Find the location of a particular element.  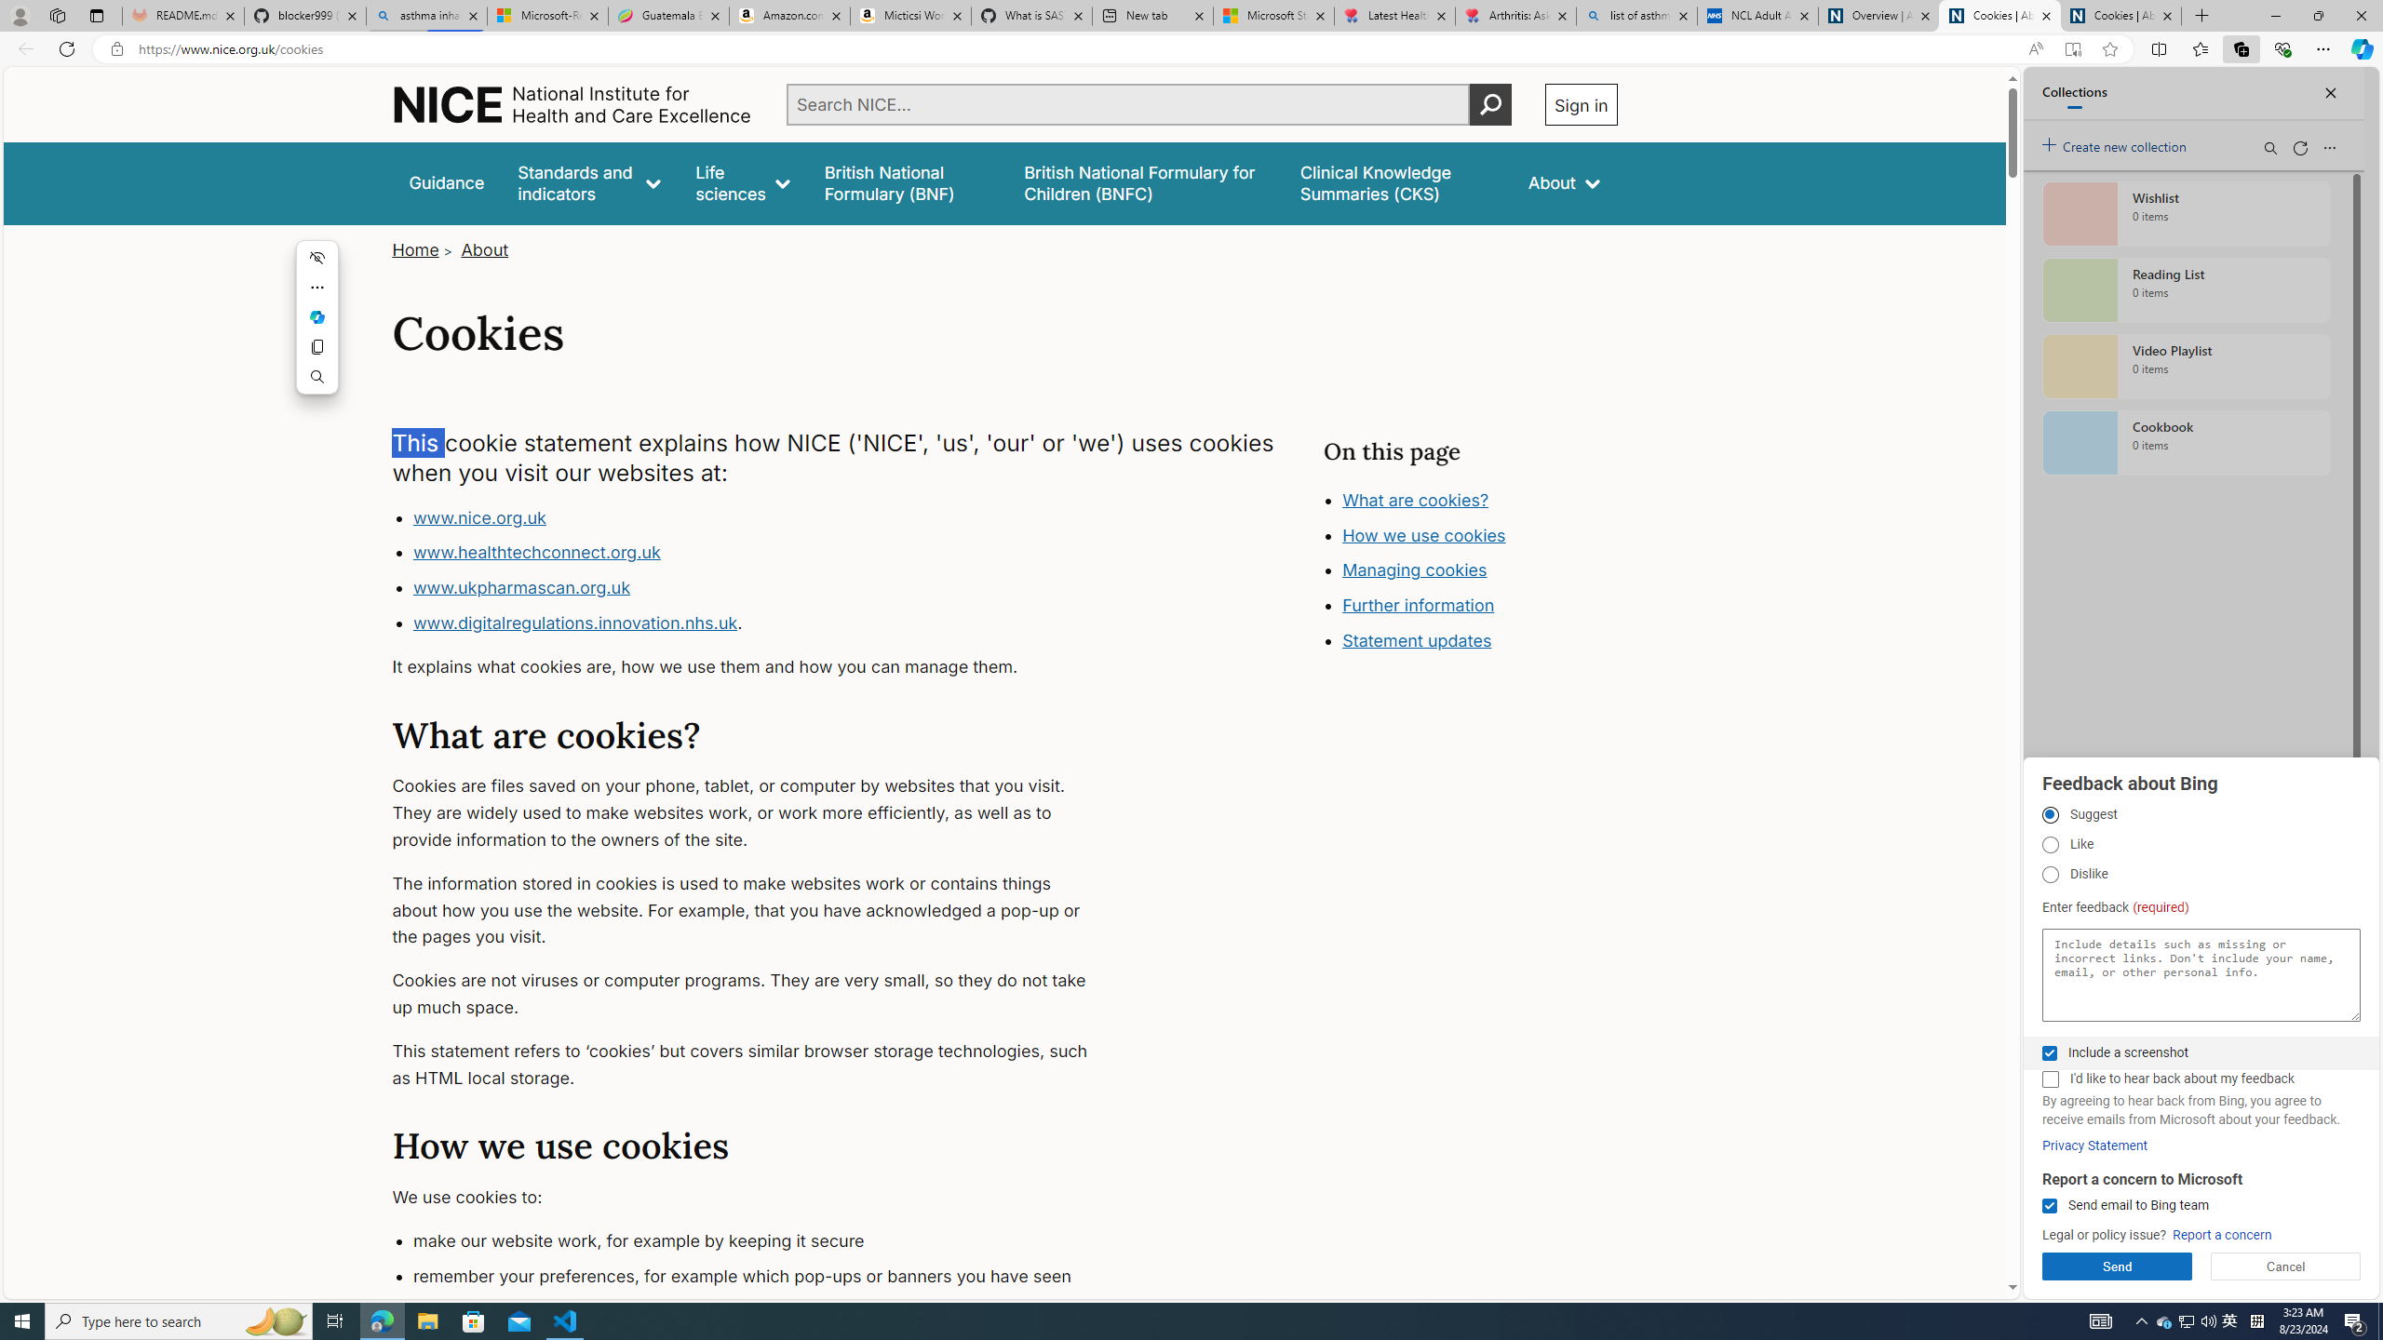

'Home>' is located at coordinates (423, 249).